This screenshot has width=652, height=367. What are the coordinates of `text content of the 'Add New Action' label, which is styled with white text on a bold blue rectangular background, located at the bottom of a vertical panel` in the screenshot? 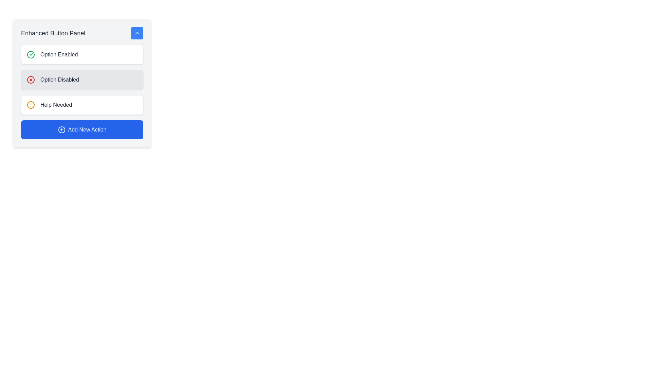 It's located at (87, 129).